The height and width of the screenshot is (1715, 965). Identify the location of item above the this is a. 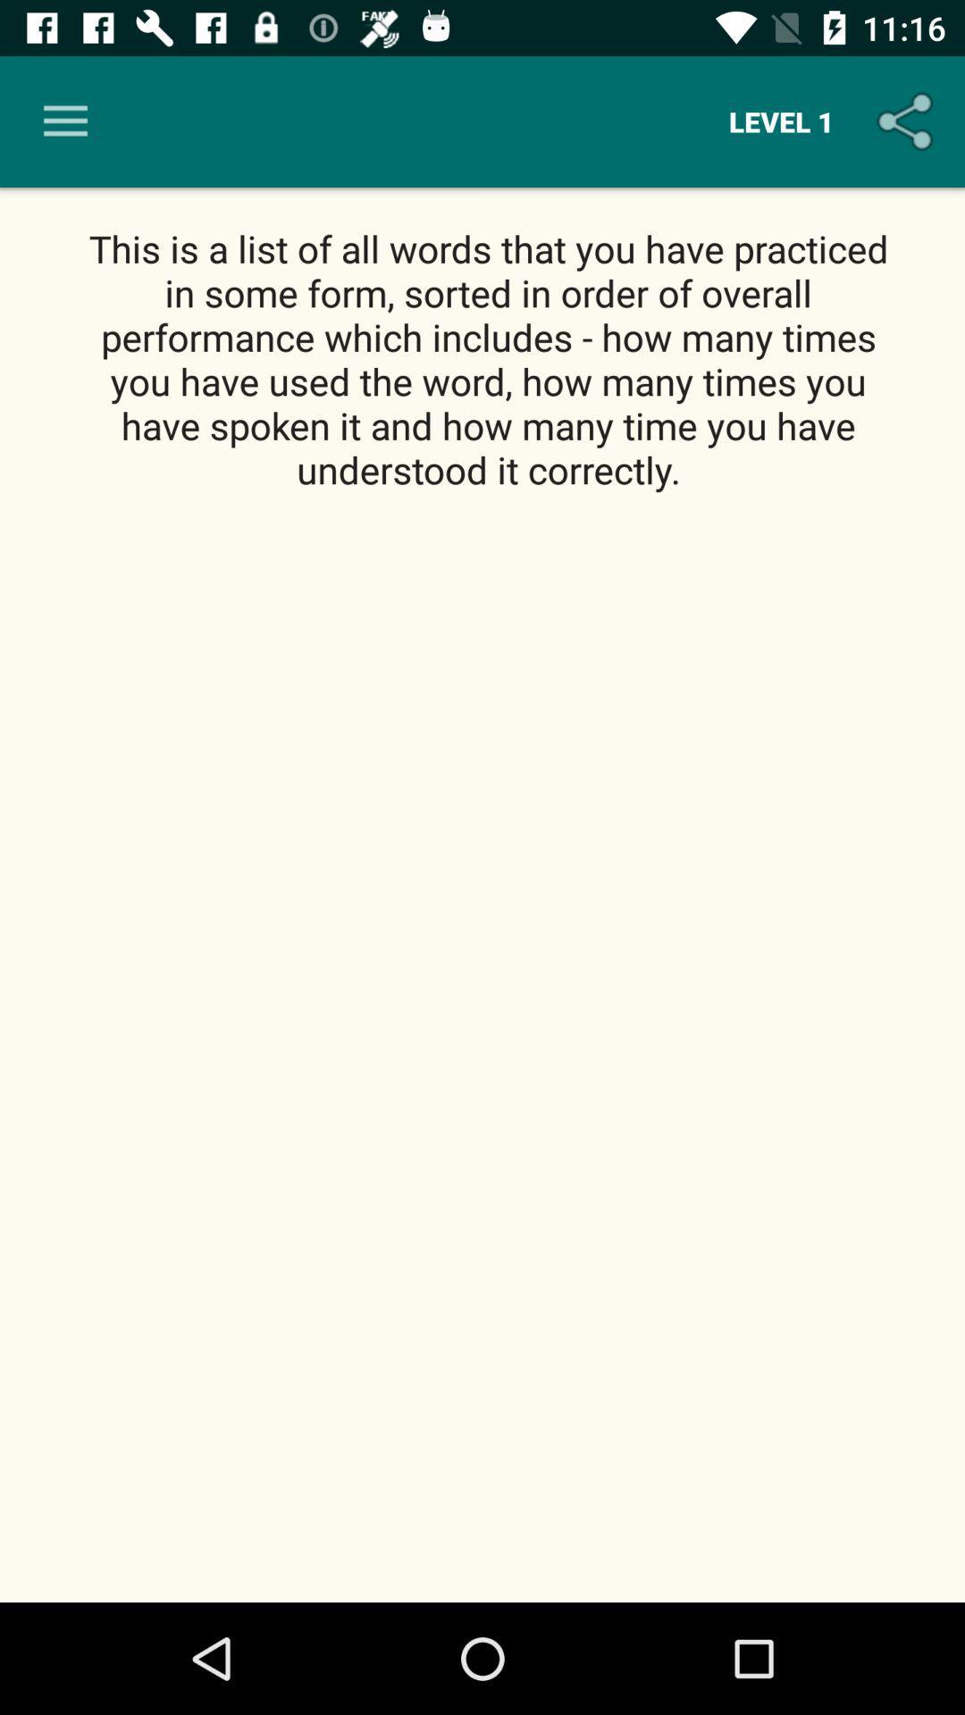
(780, 121).